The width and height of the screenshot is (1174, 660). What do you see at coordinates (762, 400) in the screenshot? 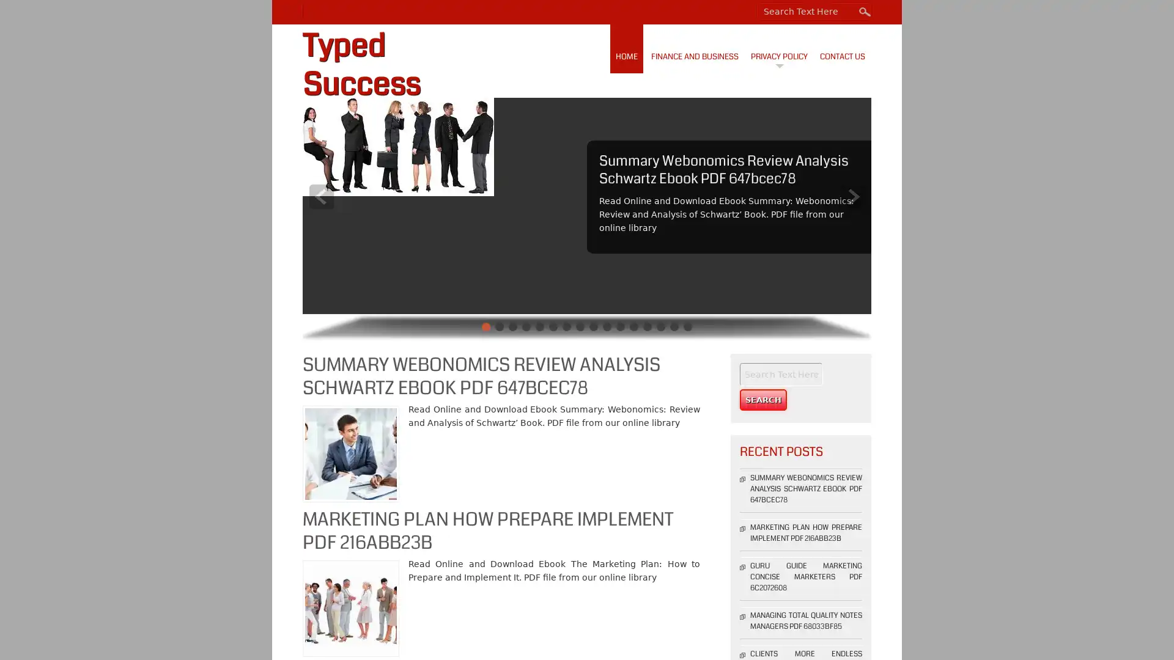
I see `Search` at bounding box center [762, 400].